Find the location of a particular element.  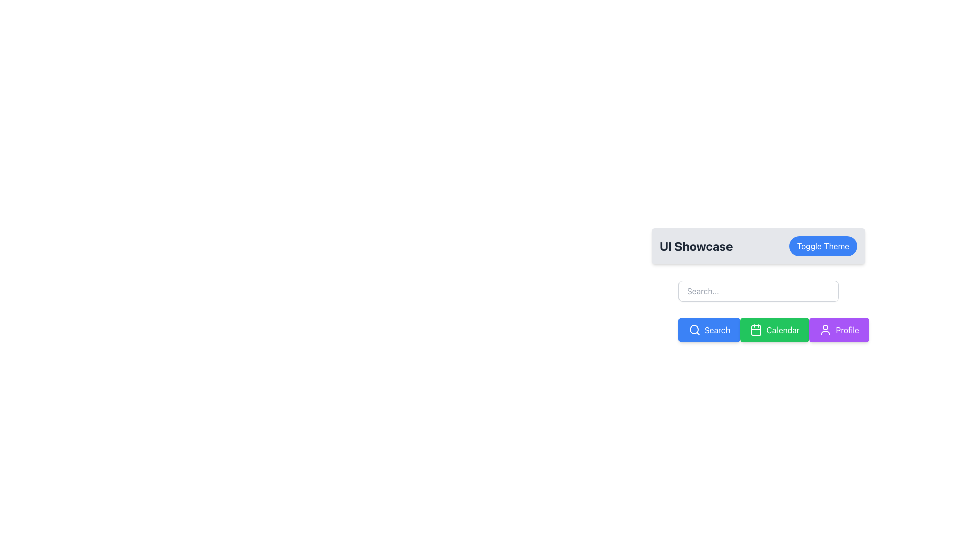

the blue 'Search' button with rounded corners, which contains a white search icon and the text 'Search', to initiate a search action is located at coordinates (708, 330).